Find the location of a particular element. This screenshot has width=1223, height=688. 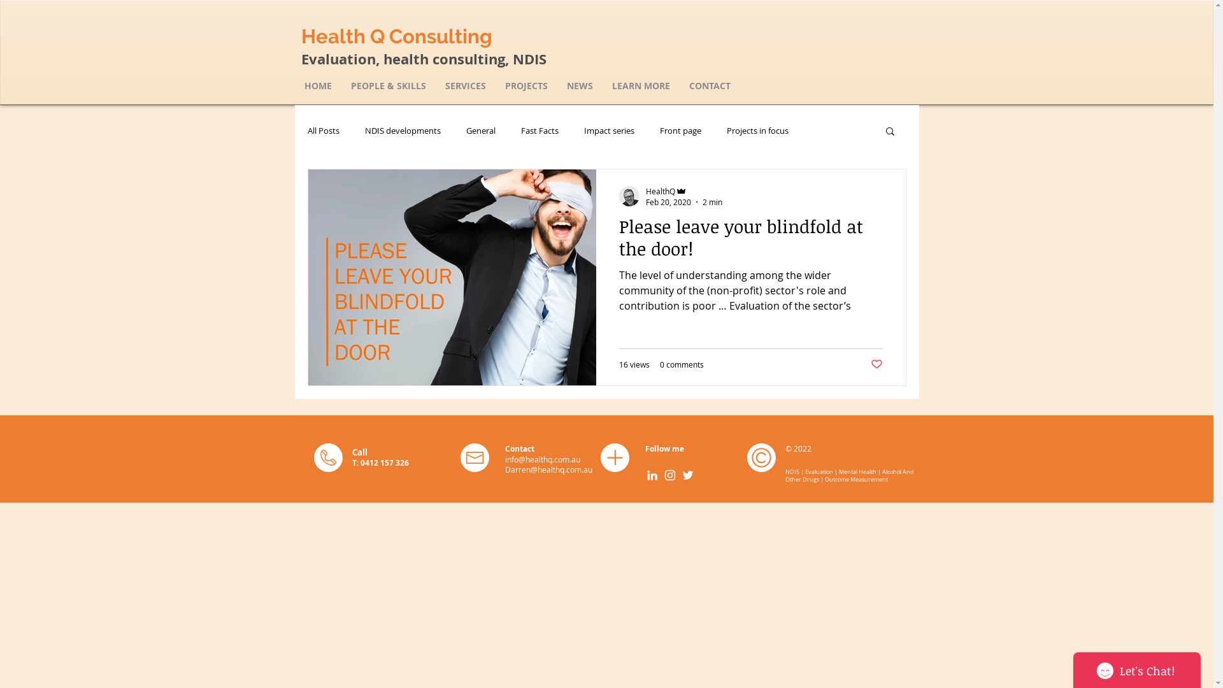

'Please leave your blindfold at the door!' is located at coordinates (751, 241).